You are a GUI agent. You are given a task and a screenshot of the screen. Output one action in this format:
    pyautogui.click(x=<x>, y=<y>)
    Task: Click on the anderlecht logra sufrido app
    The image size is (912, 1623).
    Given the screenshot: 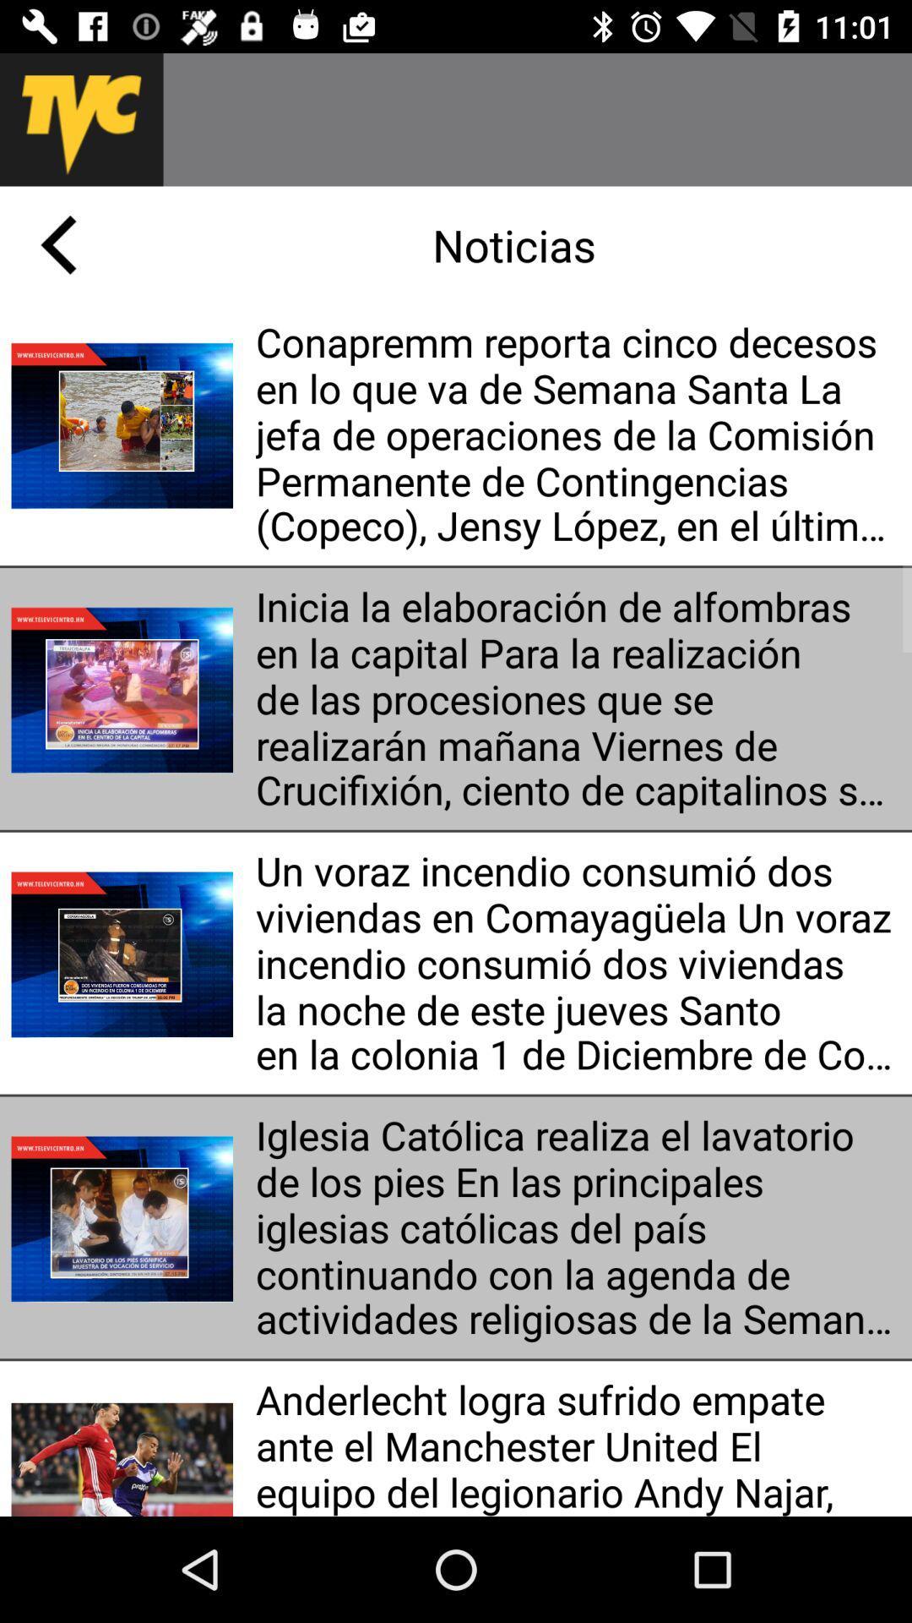 What is the action you would take?
    pyautogui.click(x=577, y=1443)
    